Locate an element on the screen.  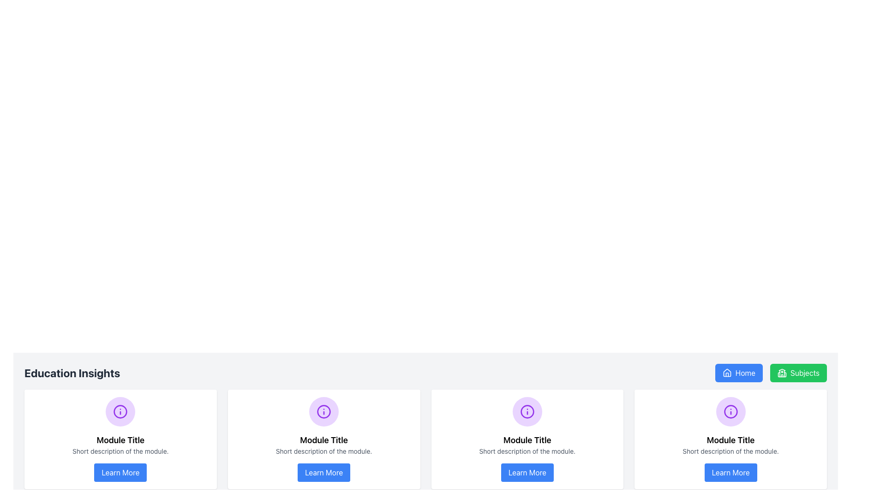
the information icon resembling an 'i' enclosed within a purple circular border, located at the center of its light purple circular background in the first card at the bottom center of the interface is located at coordinates (324, 411).